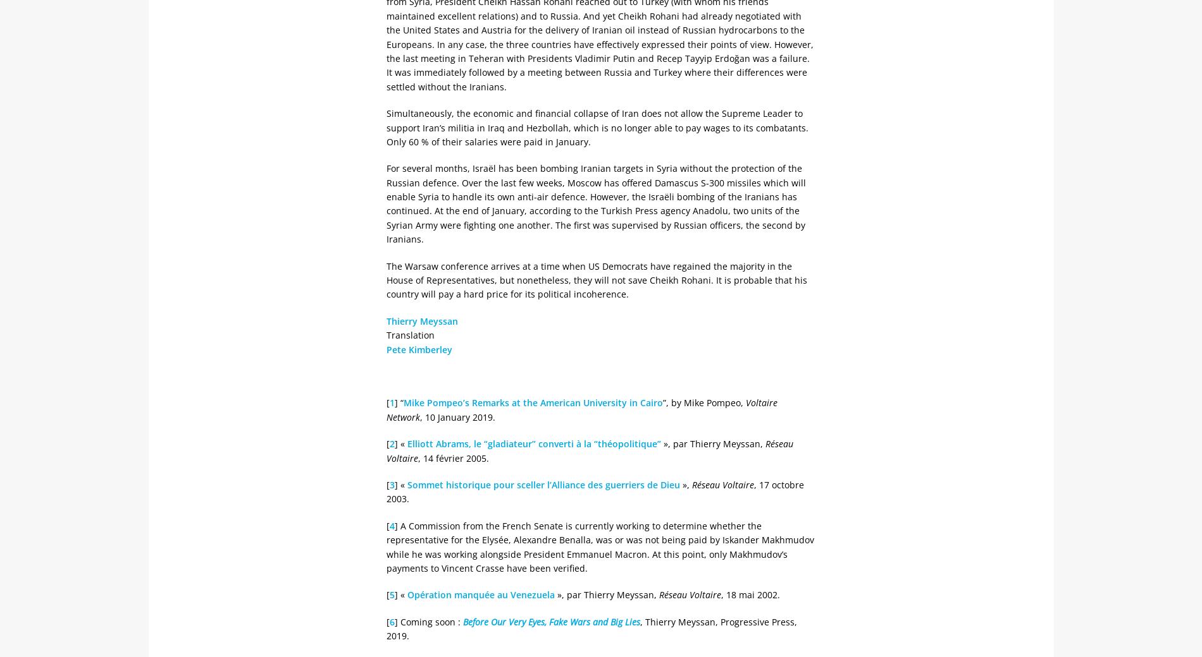 The height and width of the screenshot is (657, 1202). I want to click on 'Opération manquée au Venezuela', so click(480, 594).